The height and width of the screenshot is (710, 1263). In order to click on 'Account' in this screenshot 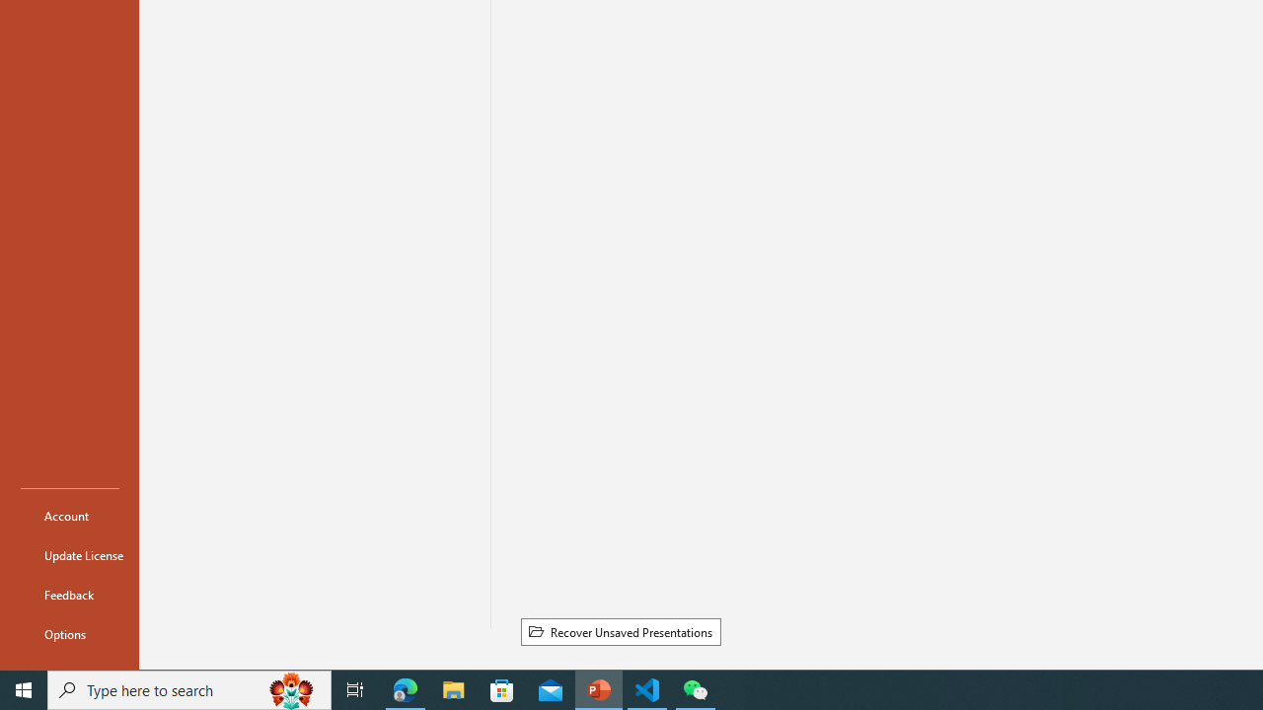, I will do `click(70, 515)`.